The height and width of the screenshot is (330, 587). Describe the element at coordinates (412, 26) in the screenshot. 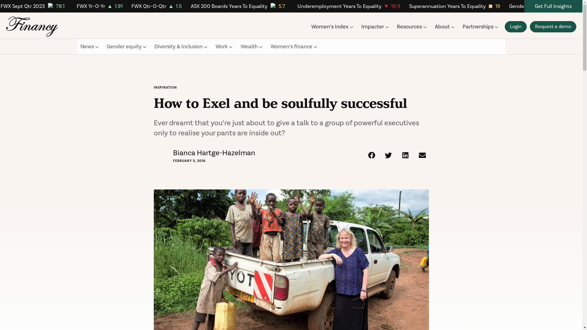

I see `'Resources'` at that location.